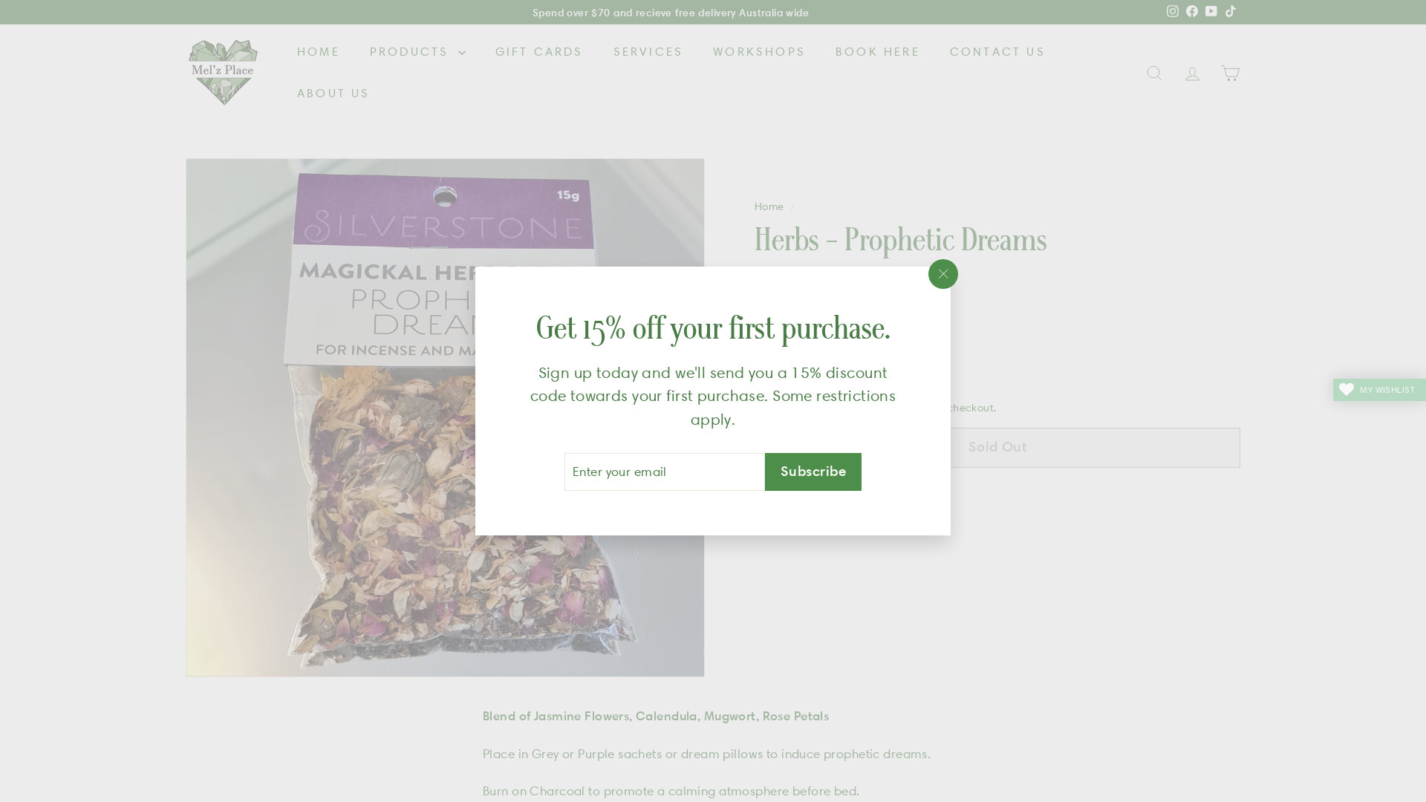 The image size is (1426, 802). Describe the element at coordinates (1192, 72) in the screenshot. I see `'ACCOUNT'` at that location.